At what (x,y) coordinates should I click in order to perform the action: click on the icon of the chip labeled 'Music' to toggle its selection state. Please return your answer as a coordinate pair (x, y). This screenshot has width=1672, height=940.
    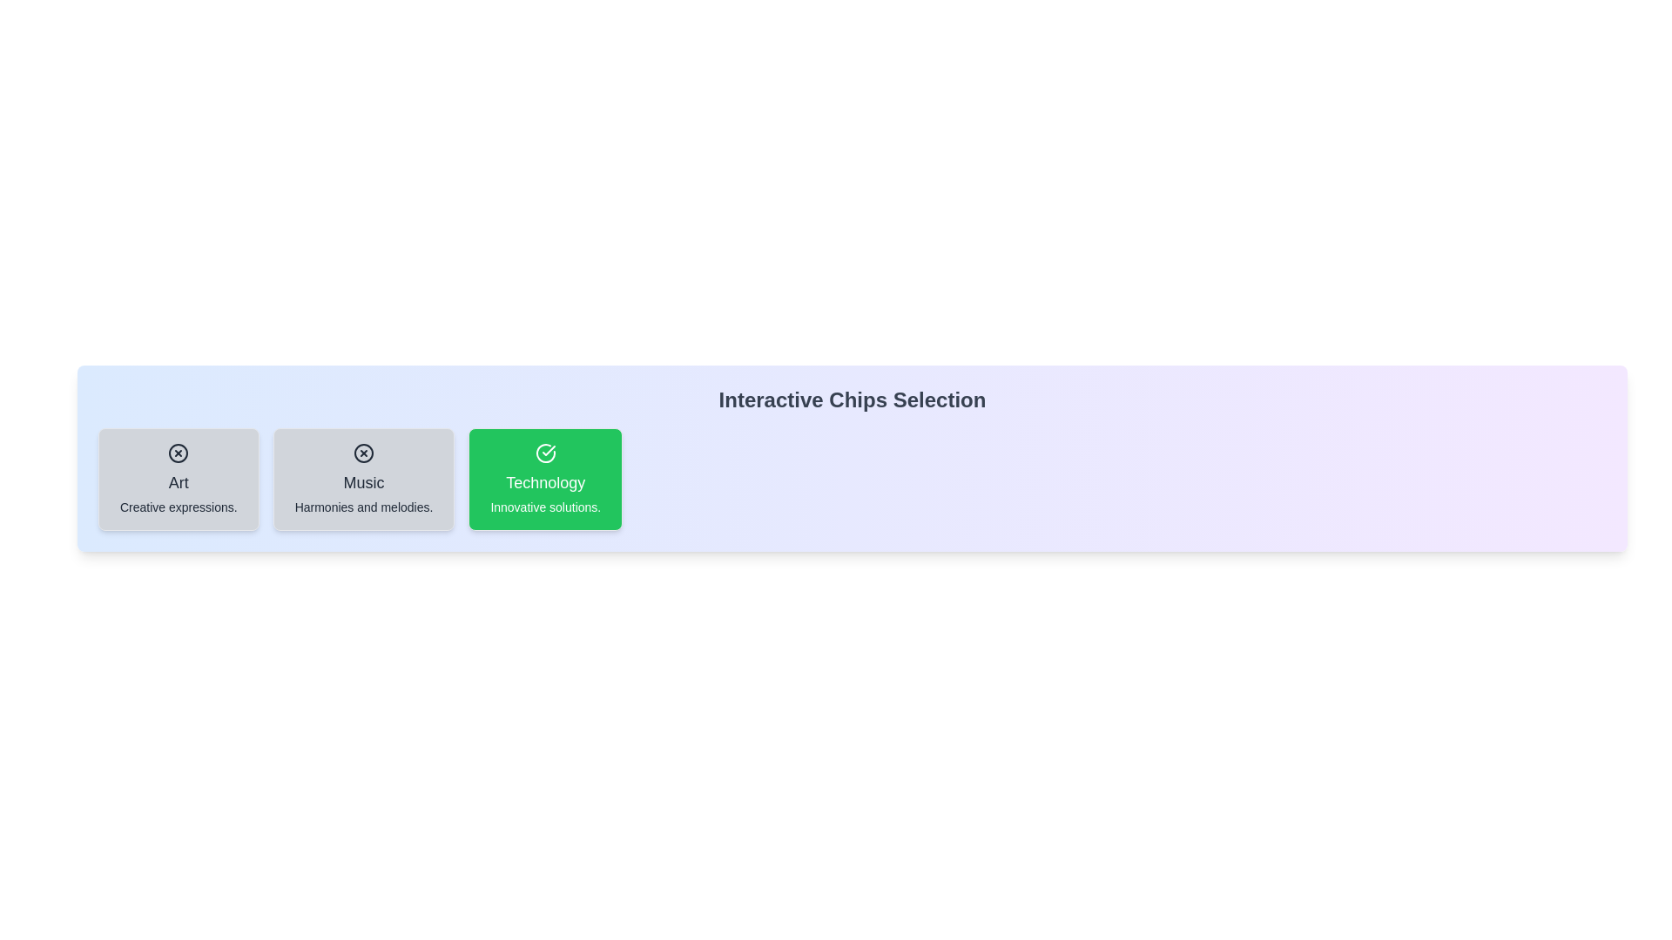
    Looking at the image, I should click on (362, 452).